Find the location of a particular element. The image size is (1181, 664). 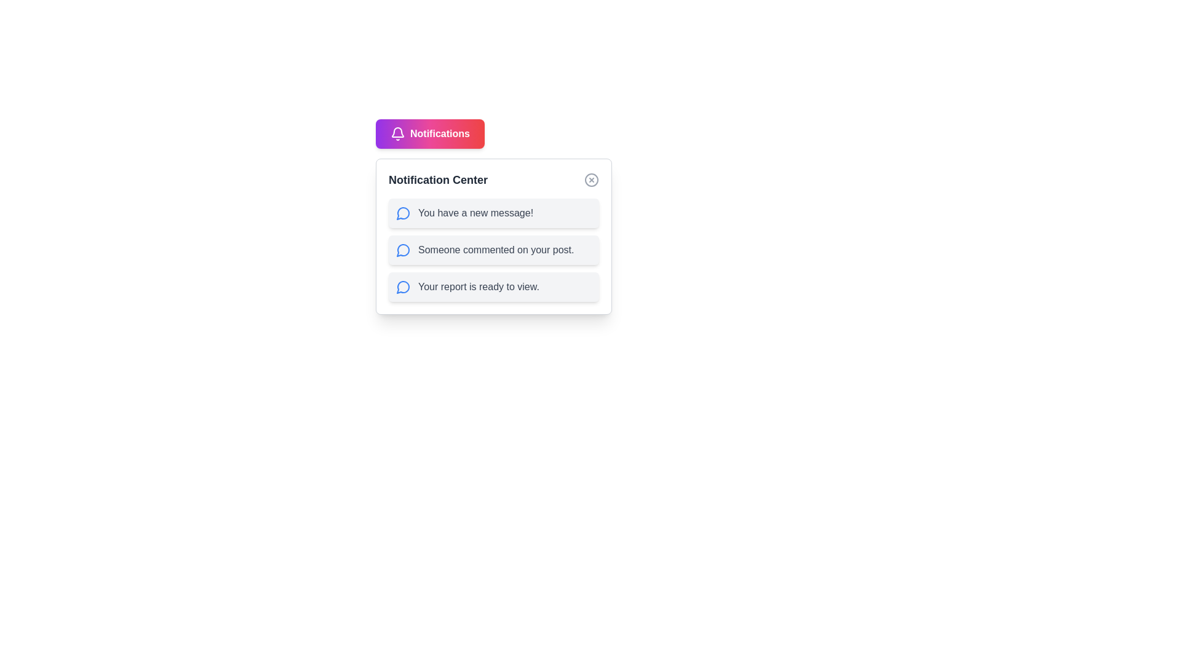

text content of the first notification item in the Notification Center, which contains the message 'You have a new message!' is located at coordinates (493, 213).